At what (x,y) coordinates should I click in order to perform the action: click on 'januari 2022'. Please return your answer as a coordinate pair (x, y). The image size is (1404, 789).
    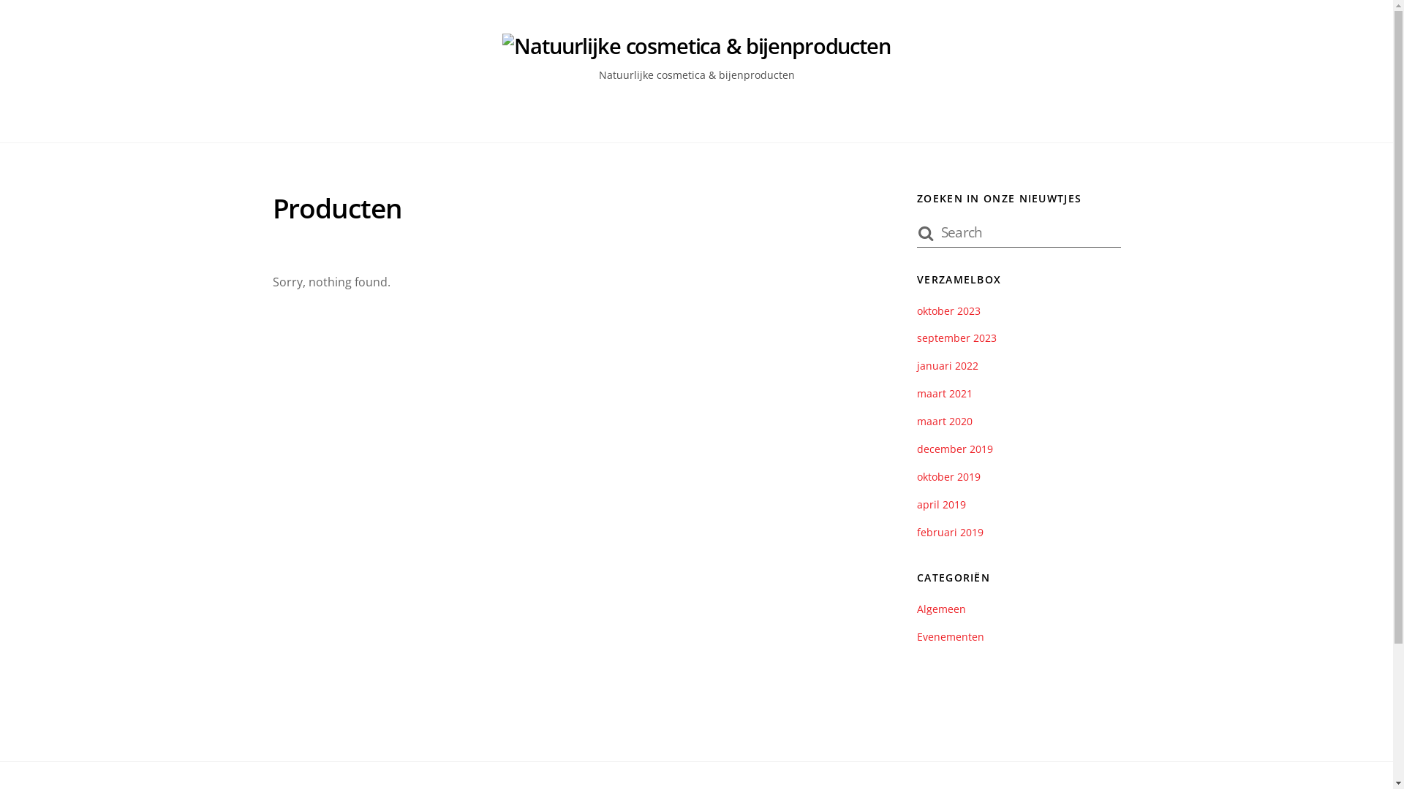
    Looking at the image, I should click on (948, 365).